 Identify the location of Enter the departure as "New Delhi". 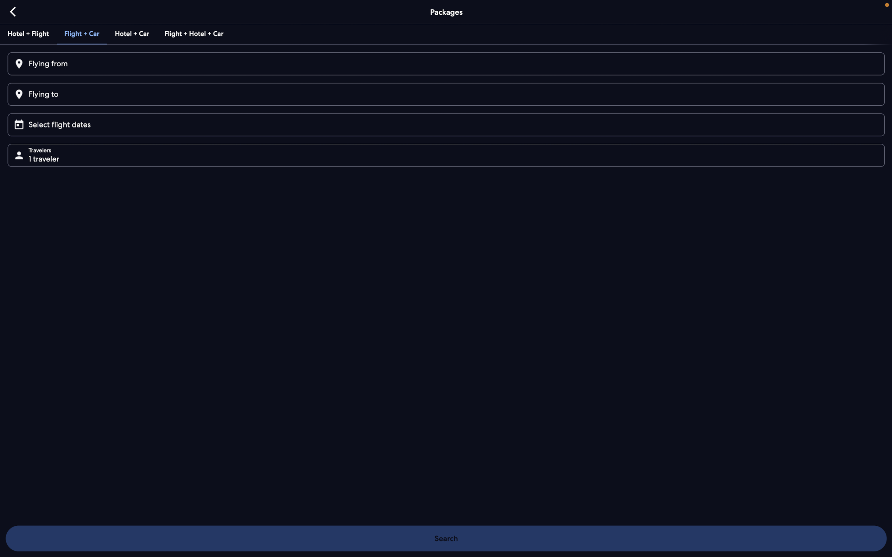
(445, 64).